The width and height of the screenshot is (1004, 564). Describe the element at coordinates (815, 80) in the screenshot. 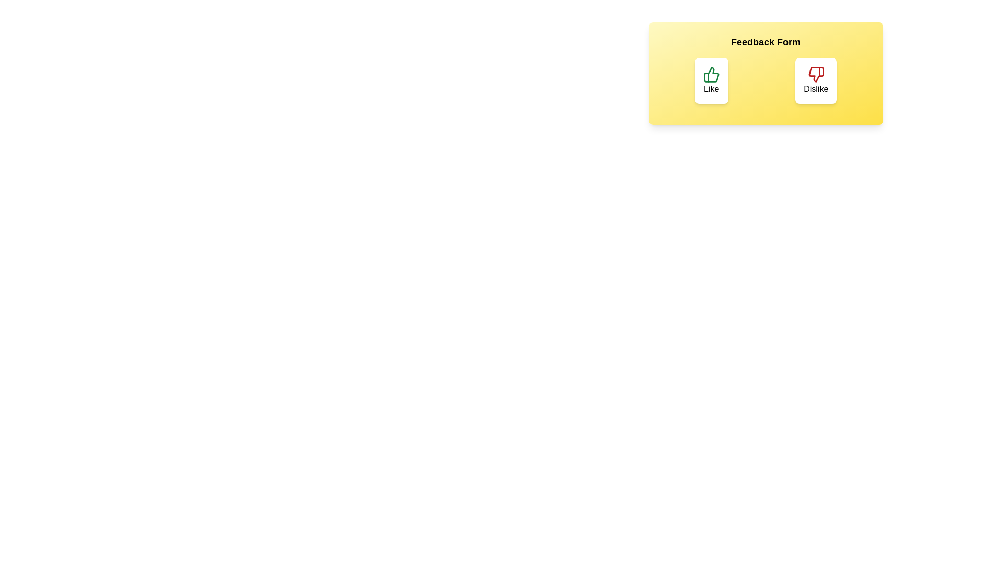

I see `the button labeled Dislike to observe its hover effect` at that location.